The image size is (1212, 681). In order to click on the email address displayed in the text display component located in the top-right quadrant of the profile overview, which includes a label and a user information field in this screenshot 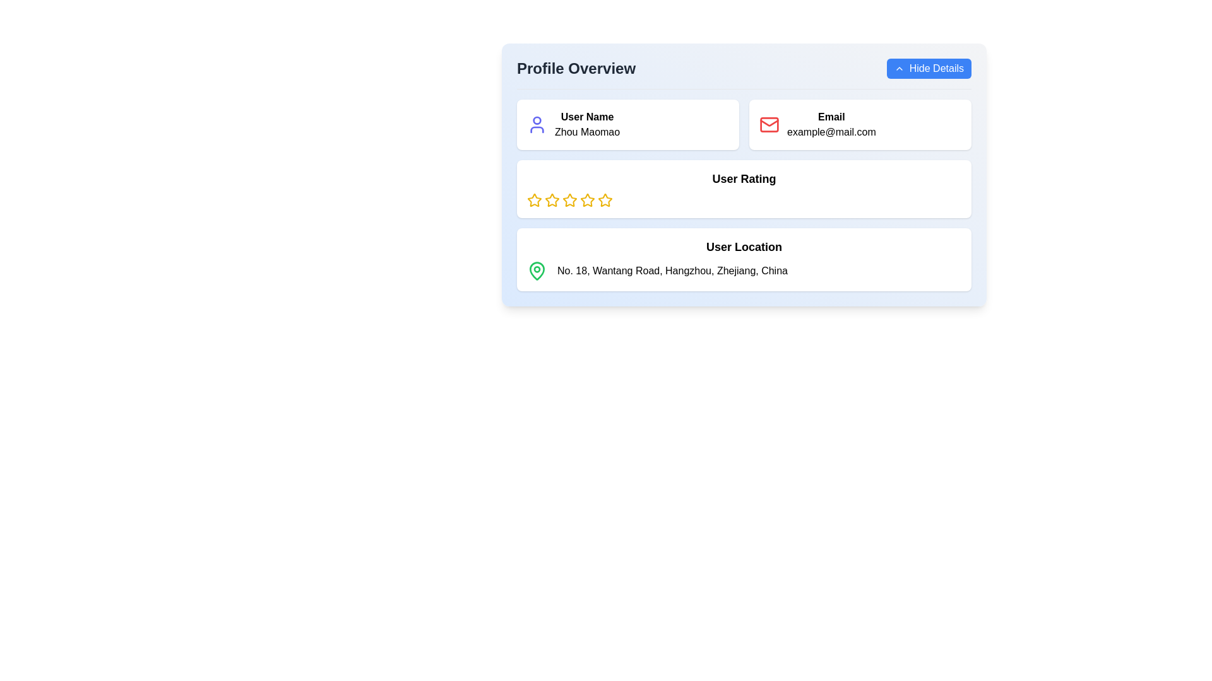, I will do `click(831, 124)`.